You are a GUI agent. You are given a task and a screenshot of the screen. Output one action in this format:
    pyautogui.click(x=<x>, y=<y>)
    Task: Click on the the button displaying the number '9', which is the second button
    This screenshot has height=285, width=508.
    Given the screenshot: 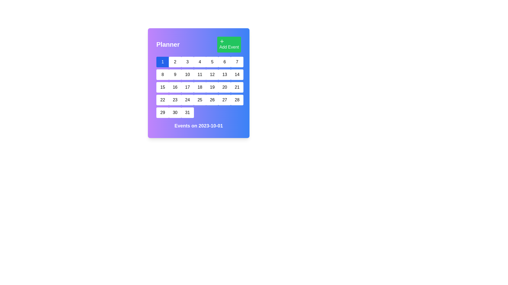 What is the action you would take?
    pyautogui.click(x=175, y=74)
    